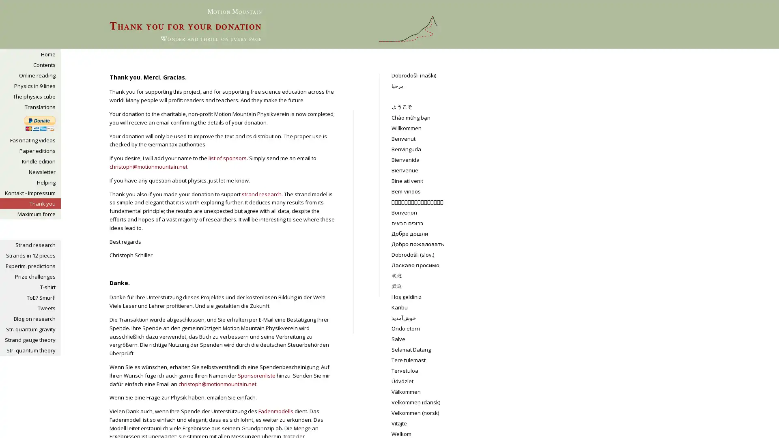 This screenshot has width=779, height=438. Describe the element at coordinates (39, 123) in the screenshot. I see `| Donate Button |` at that location.